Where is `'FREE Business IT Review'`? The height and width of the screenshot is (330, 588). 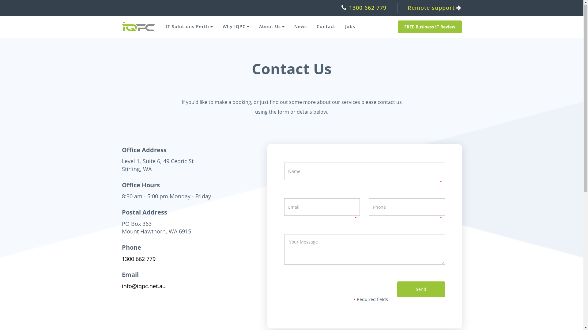 'FREE Business IT Review' is located at coordinates (397, 27).